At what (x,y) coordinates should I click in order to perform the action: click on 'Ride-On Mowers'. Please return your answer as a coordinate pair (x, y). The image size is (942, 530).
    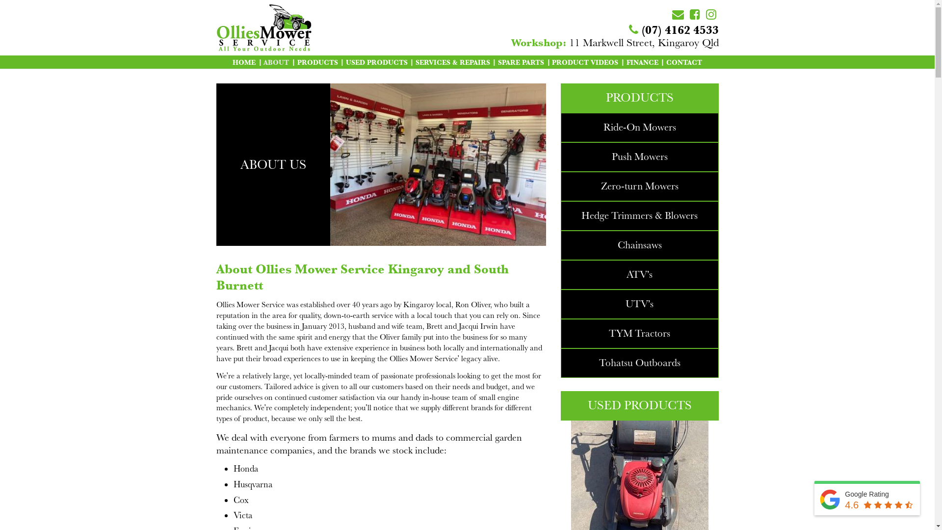
    Looking at the image, I should click on (640, 127).